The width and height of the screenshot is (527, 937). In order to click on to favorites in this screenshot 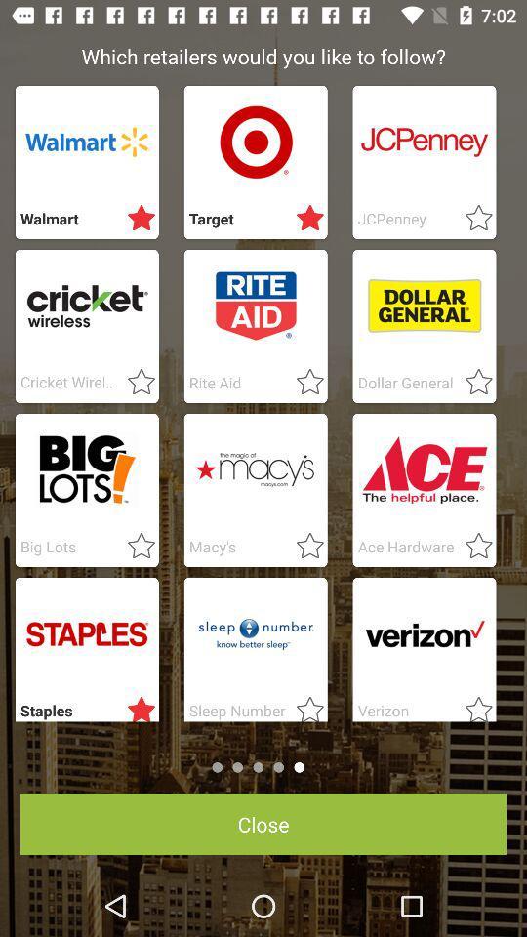, I will do `click(471, 382)`.